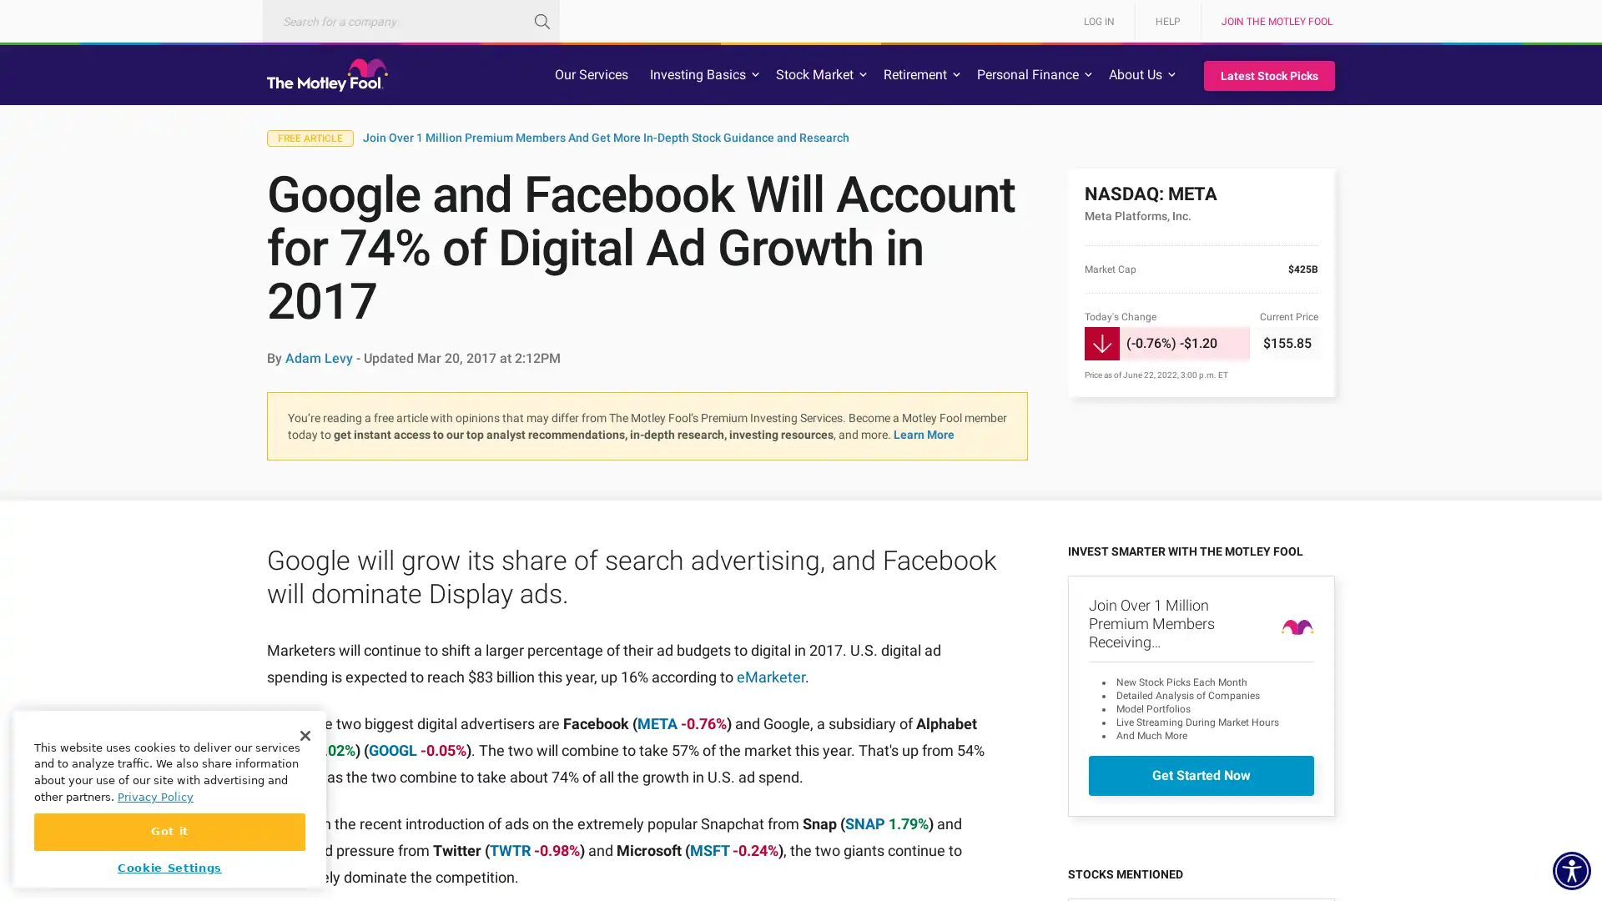 Image resolution: width=1602 pixels, height=901 pixels. What do you see at coordinates (1135, 73) in the screenshot?
I see `About Us` at bounding box center [1135, 73].